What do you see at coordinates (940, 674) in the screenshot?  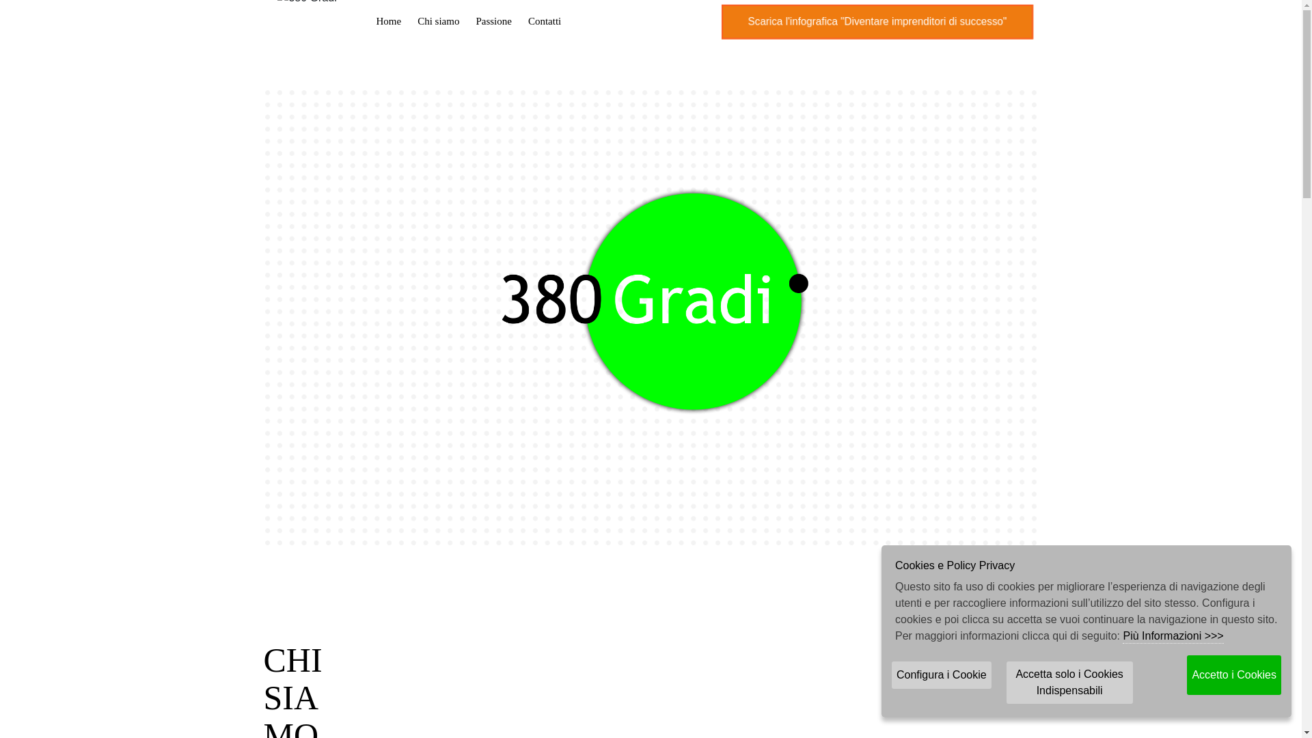 I see `'Configura i Cookie'` at bounding box center [940, 674].